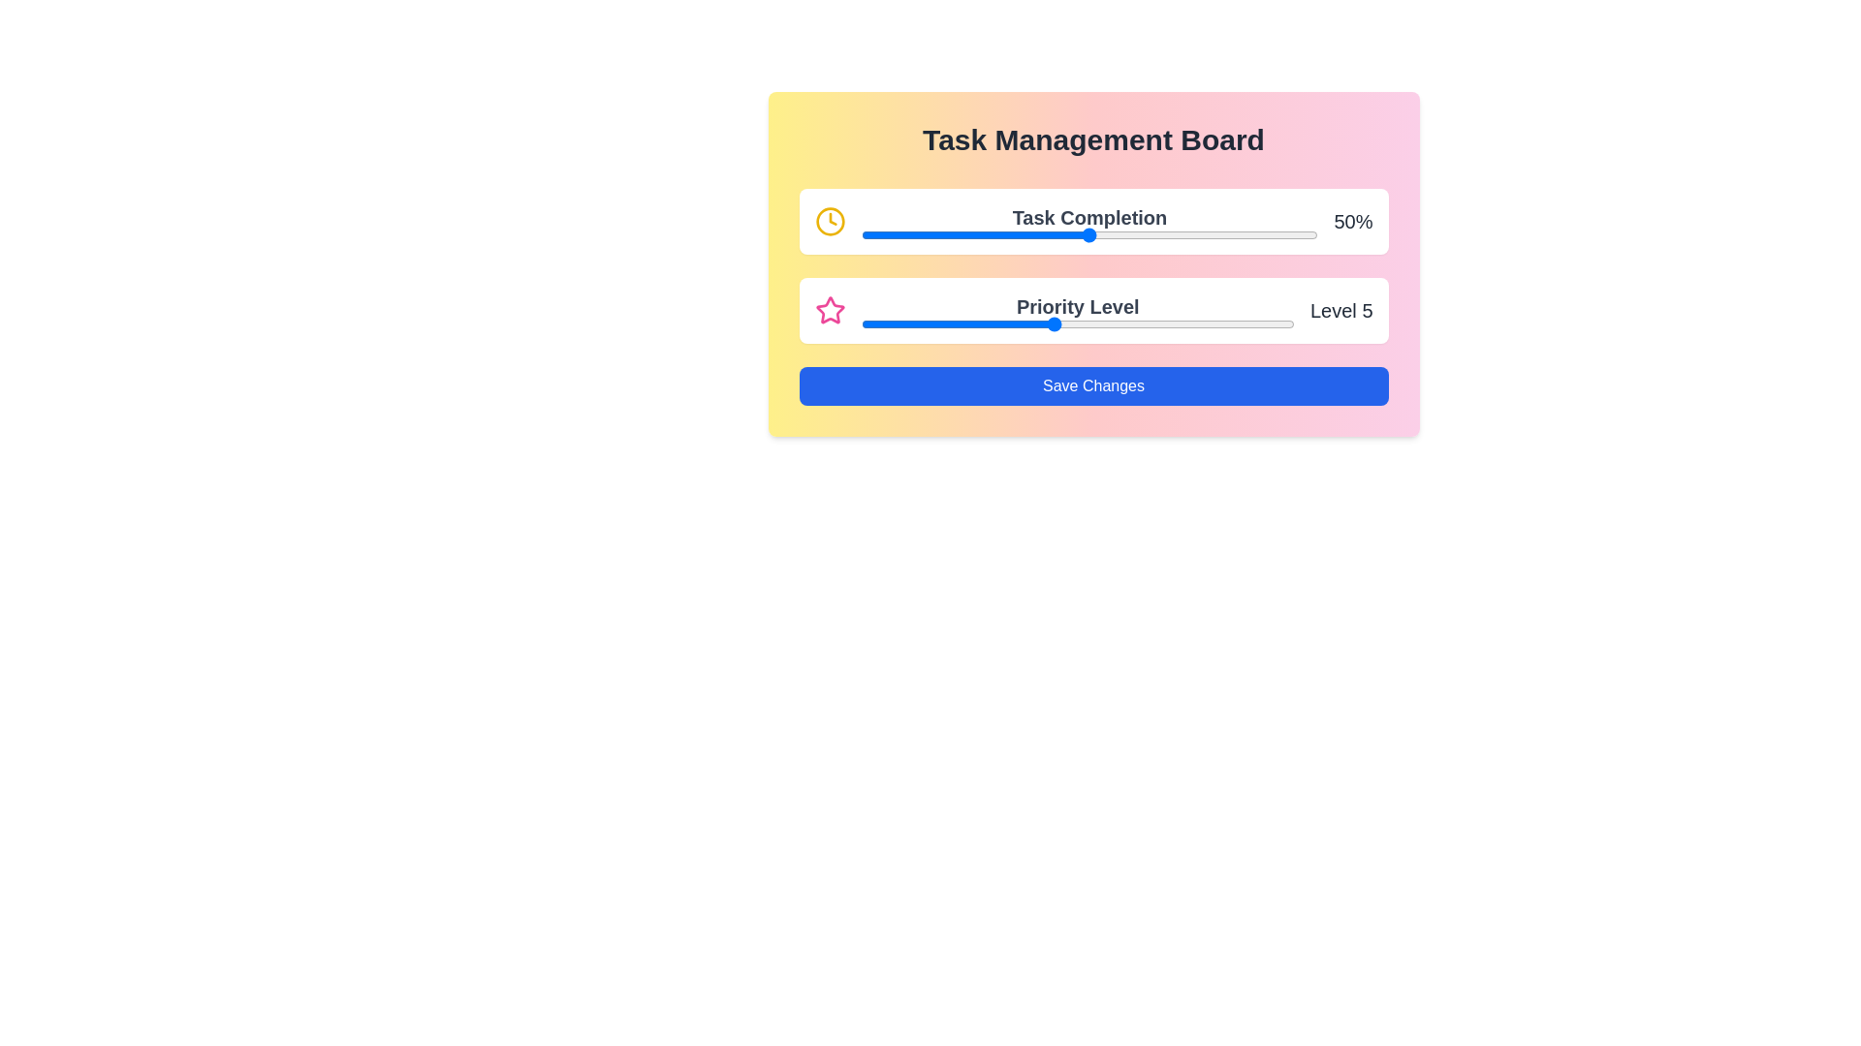 The width and height of the screenshot is (1861, 1046). I want to click on the pink five-pointed star icon with a hollow center located near the 'Priority Level' label, so click(830, 309).